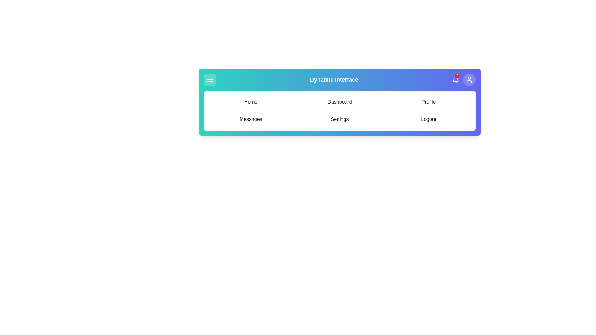 The width and height of the screenshot is (596, 335). What do you see at coordinates (251, 101) in the screenshot?
I see `the navigation item Home from the menu` at bounding box center [251, 101].